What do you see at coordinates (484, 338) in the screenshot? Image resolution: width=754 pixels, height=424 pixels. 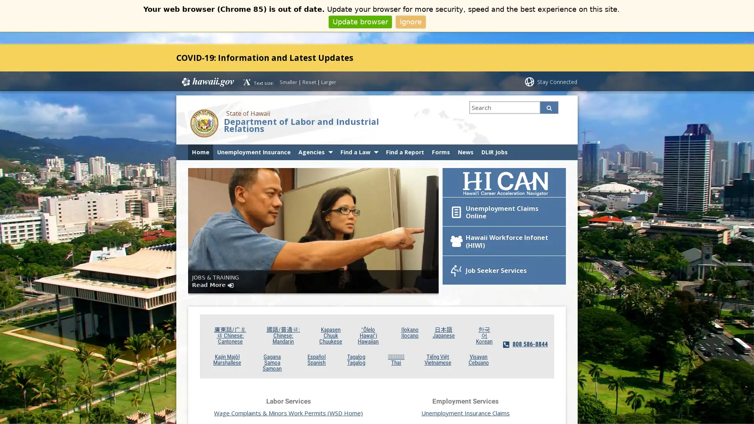 I see `Korean` at bounding box center [484, 338].